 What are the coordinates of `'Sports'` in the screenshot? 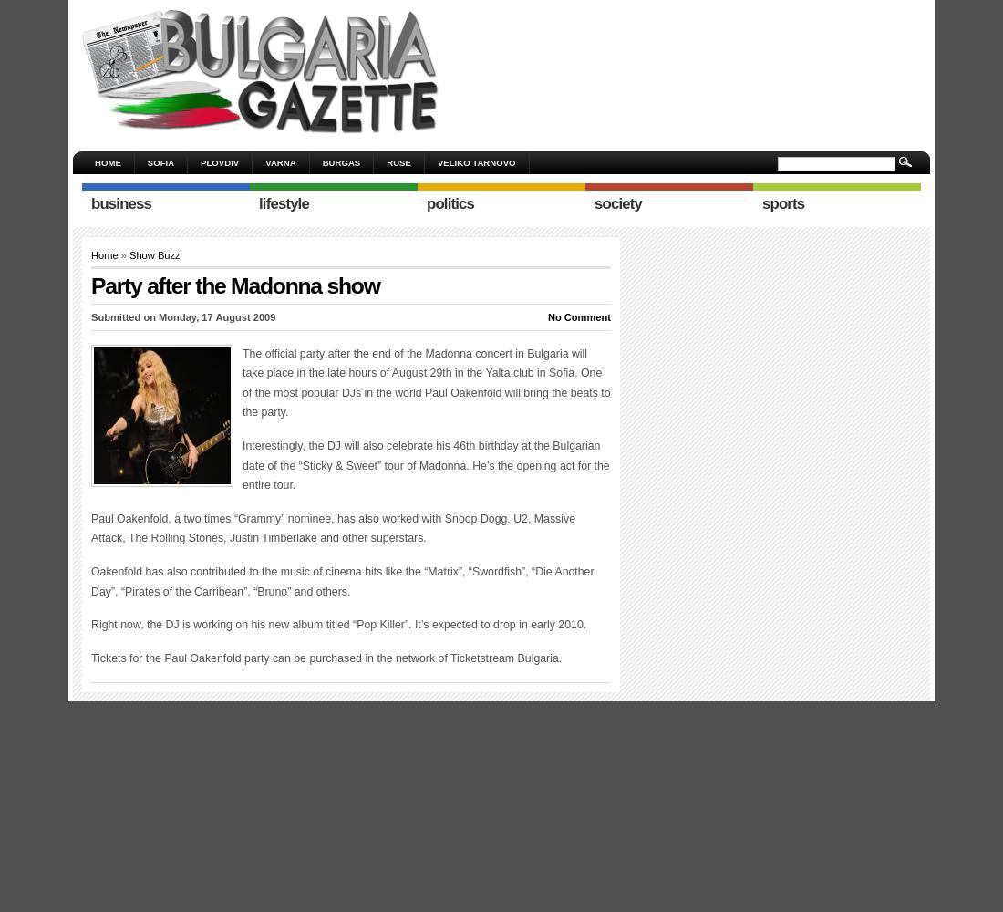 It's located at (761, 202).